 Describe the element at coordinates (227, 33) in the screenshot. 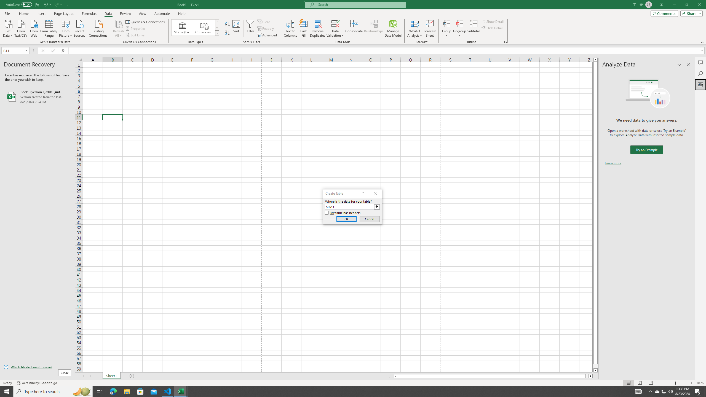

I see `'Sort Z to A'` at that location.